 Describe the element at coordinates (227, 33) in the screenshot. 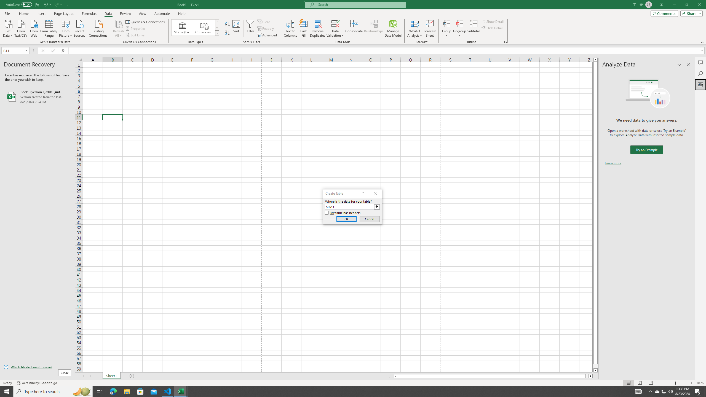

I see `'Sort Z to A'` at that location.